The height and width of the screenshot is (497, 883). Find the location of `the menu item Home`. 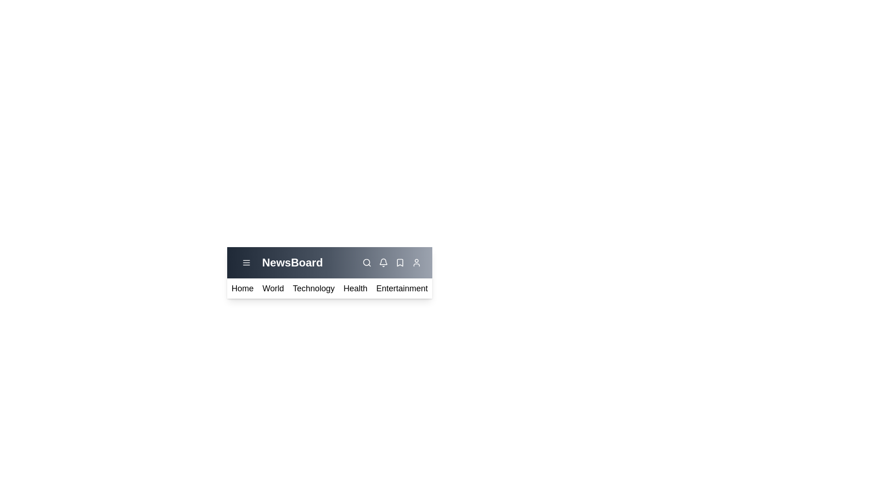

the menu item Home is located at coordinates (242, 288).